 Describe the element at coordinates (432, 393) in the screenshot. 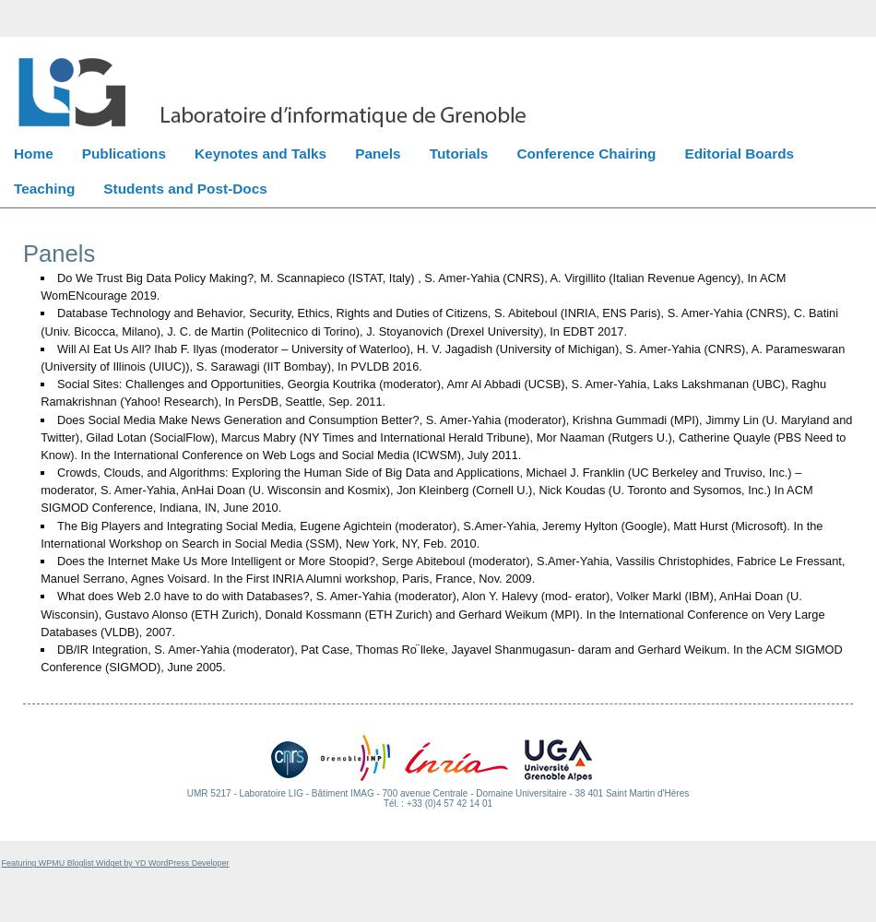

I see `'Social Sites: Challenges and Opportunities, Georgia Koutrika (moderator), Amr Al Abbadi (UCSB), S. Amer-Yahia, Laks Lakshmanan (UBC), Raghu Ramakrishnan (Yahoo! Research), In PersDB, Seattle, Sep. 2011.'` at that location.